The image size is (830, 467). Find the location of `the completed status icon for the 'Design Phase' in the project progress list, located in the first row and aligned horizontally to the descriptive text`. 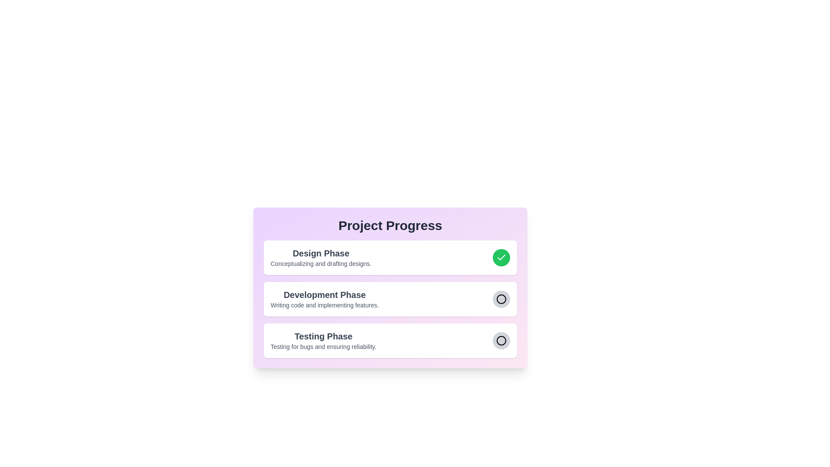

the completed status icon for the 'Design Phase' in the project progress list, located in the first row and aligned horizontally to the descriptive text is located at coordinates (501, 257).